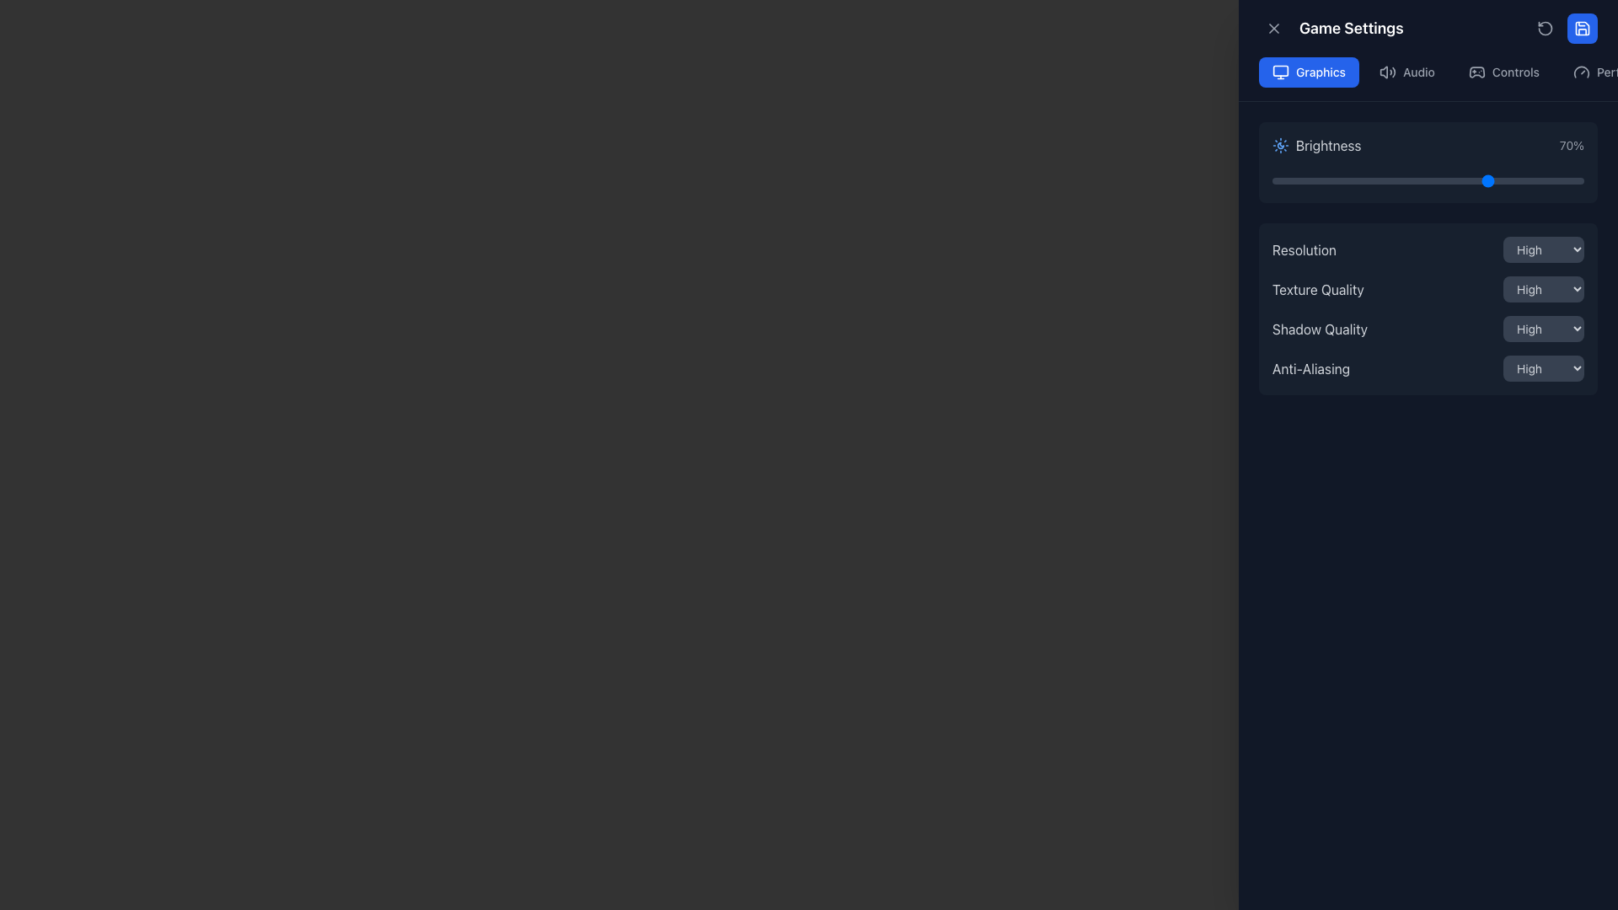 This screenshot has width=1618, height=910. I want to click on the dropdown menu for setting the resolution quality located near the top-right corner of the 'Graphics' settings section, so click(1544, 249).